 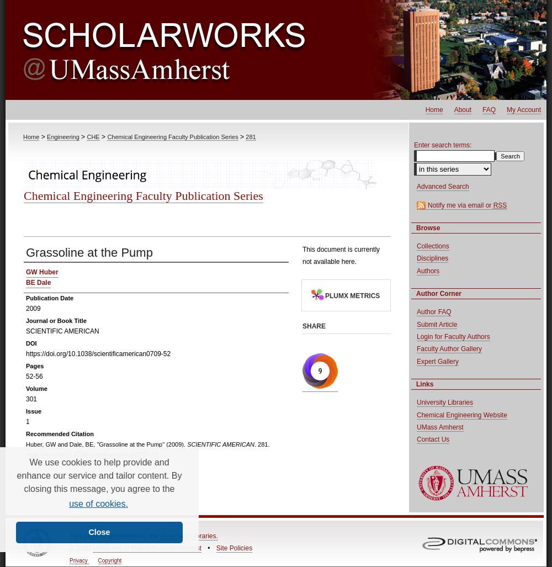 I want to click on '2009', so click(x=33, y=308).